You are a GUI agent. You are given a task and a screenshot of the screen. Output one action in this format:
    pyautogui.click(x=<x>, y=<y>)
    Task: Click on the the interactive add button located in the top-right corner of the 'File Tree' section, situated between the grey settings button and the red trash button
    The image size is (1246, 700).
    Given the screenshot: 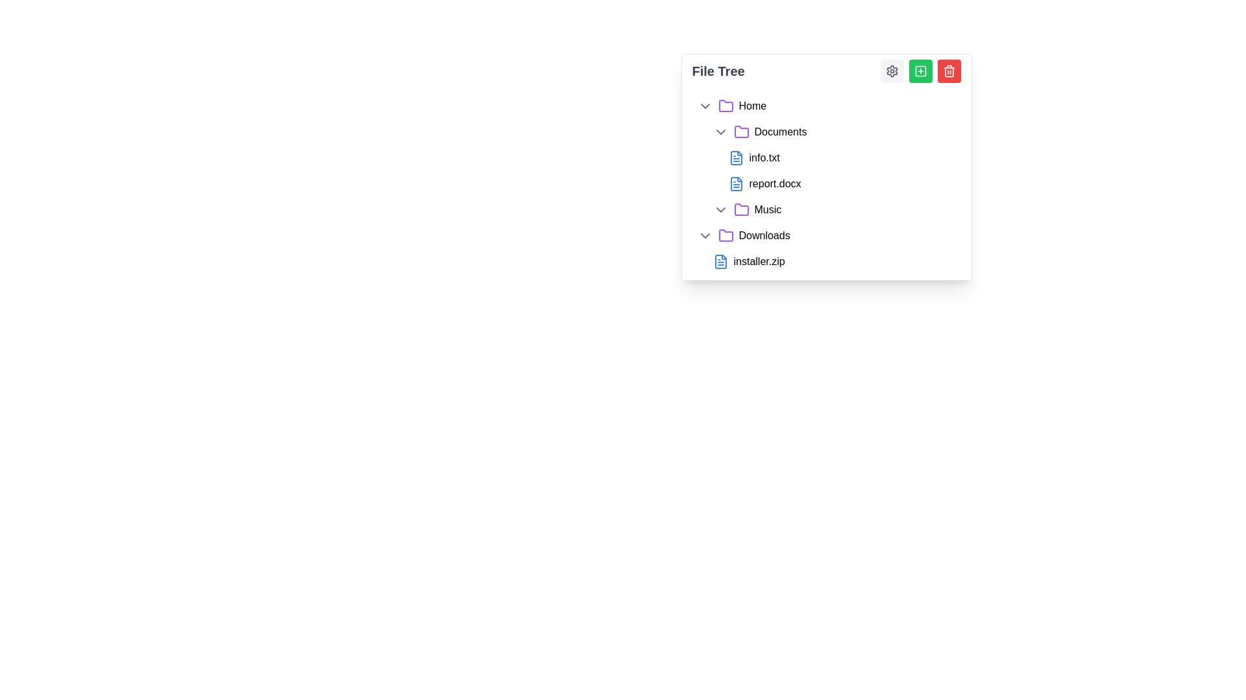 What is the action you would take?
    pyautogui.click(x=920, y=71)
    